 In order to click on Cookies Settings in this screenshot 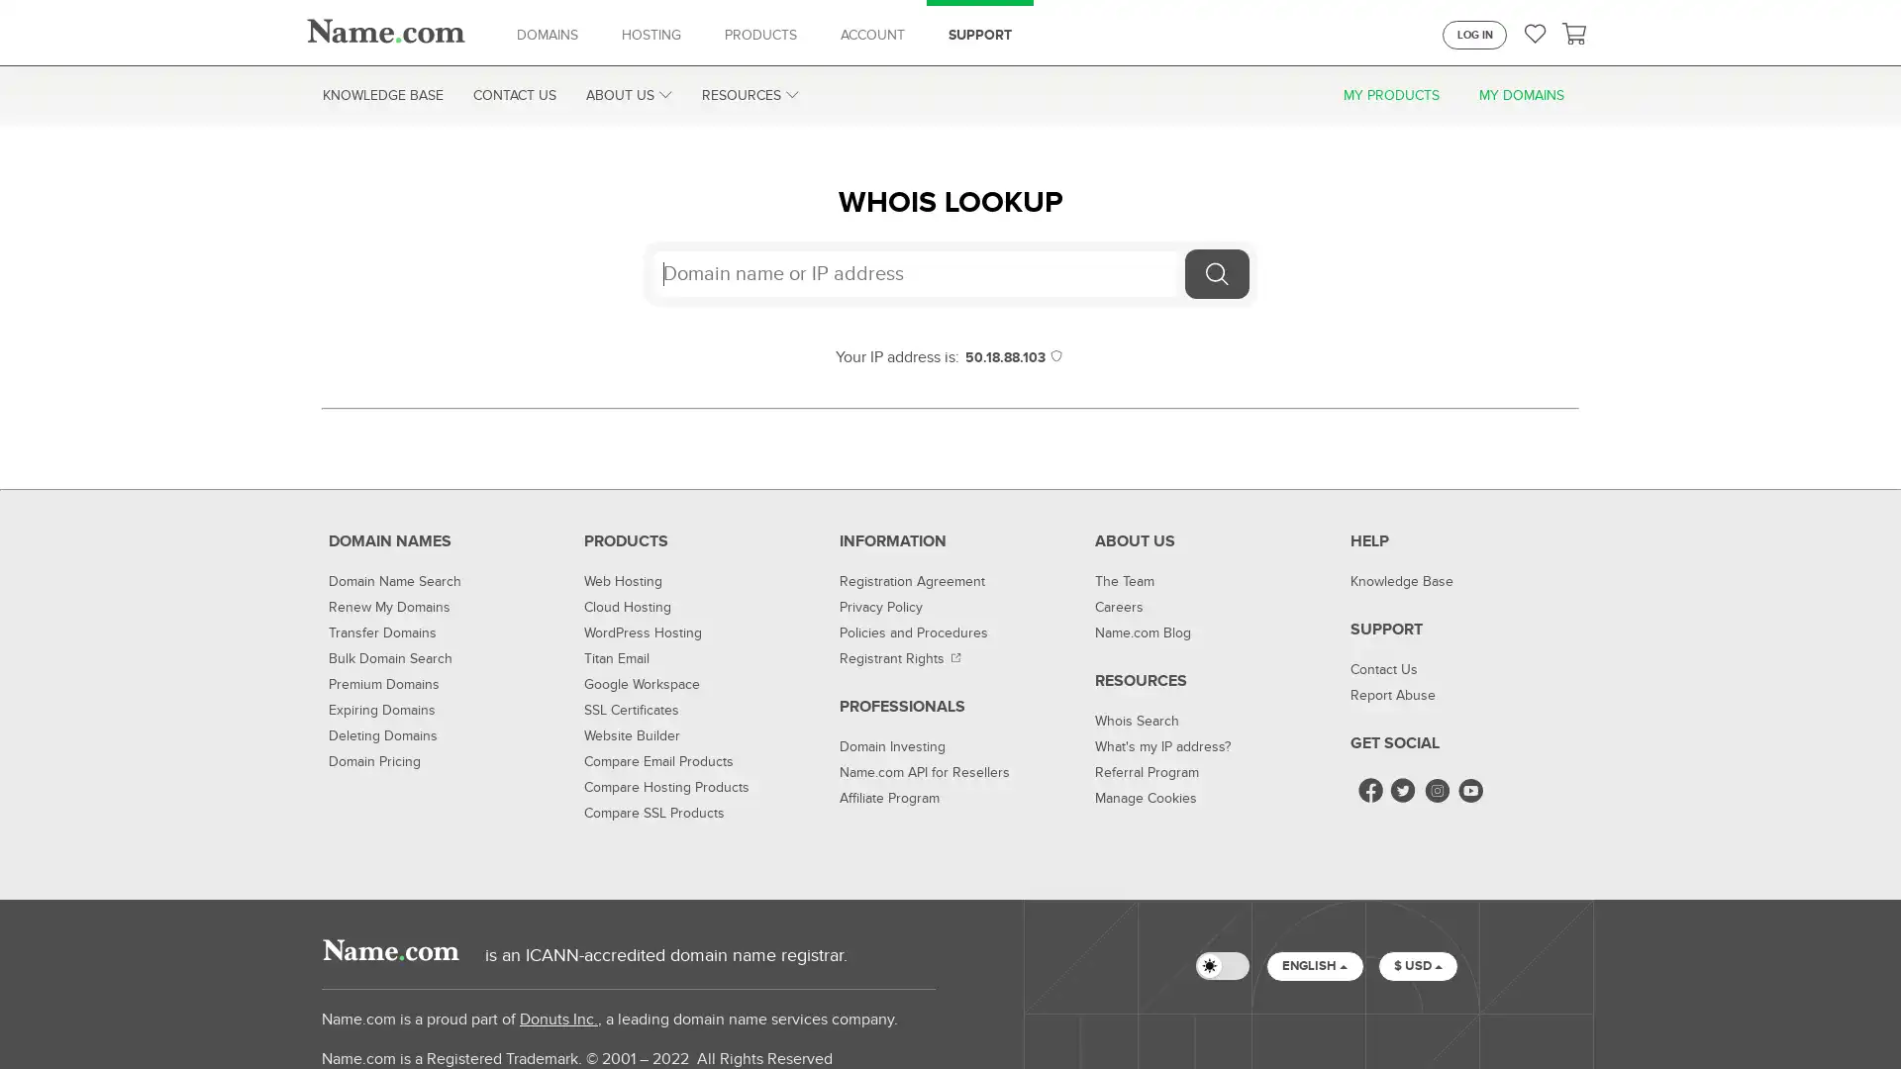, I will do `click(1382, 1016)`.